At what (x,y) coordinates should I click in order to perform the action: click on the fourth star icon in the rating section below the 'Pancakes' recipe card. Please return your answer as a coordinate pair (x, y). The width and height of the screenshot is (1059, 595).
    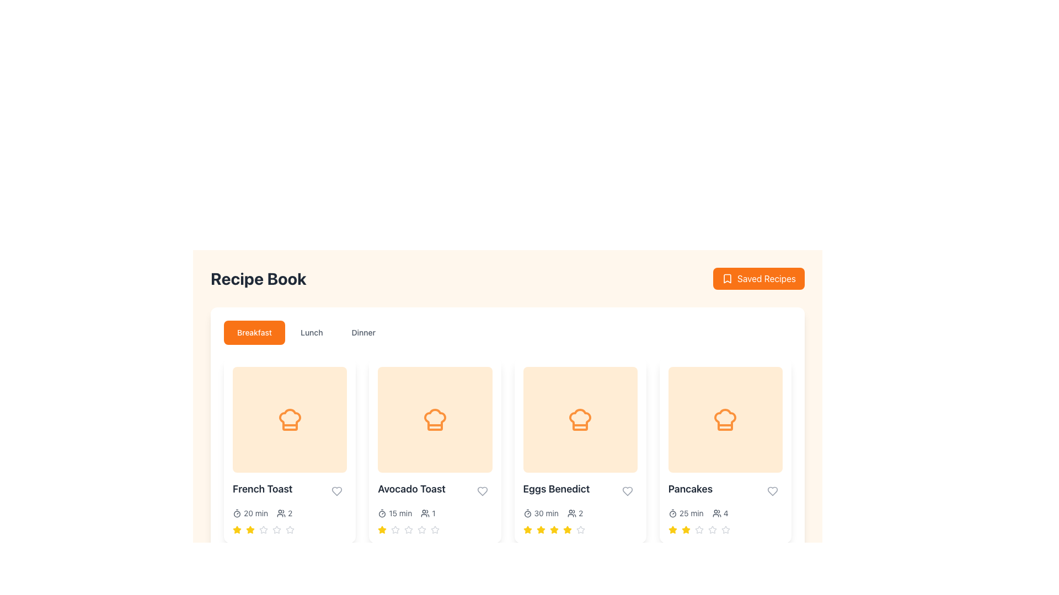
    Looking at the image, I should click on (712, 529).